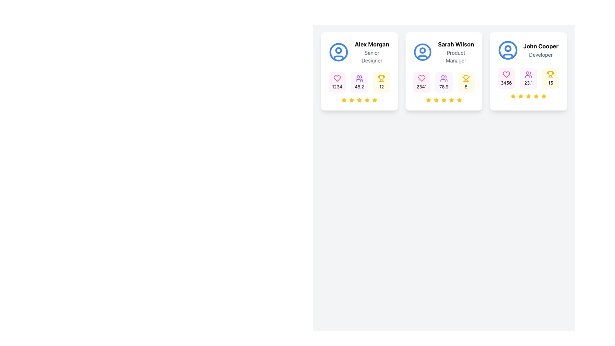 The image size is (615, 346). Describe the element at coordinates (359, 100) in the screenshot. I see `the fourth star in the rating system associated with the user profile card for 'Alex Morgan'` at that location.